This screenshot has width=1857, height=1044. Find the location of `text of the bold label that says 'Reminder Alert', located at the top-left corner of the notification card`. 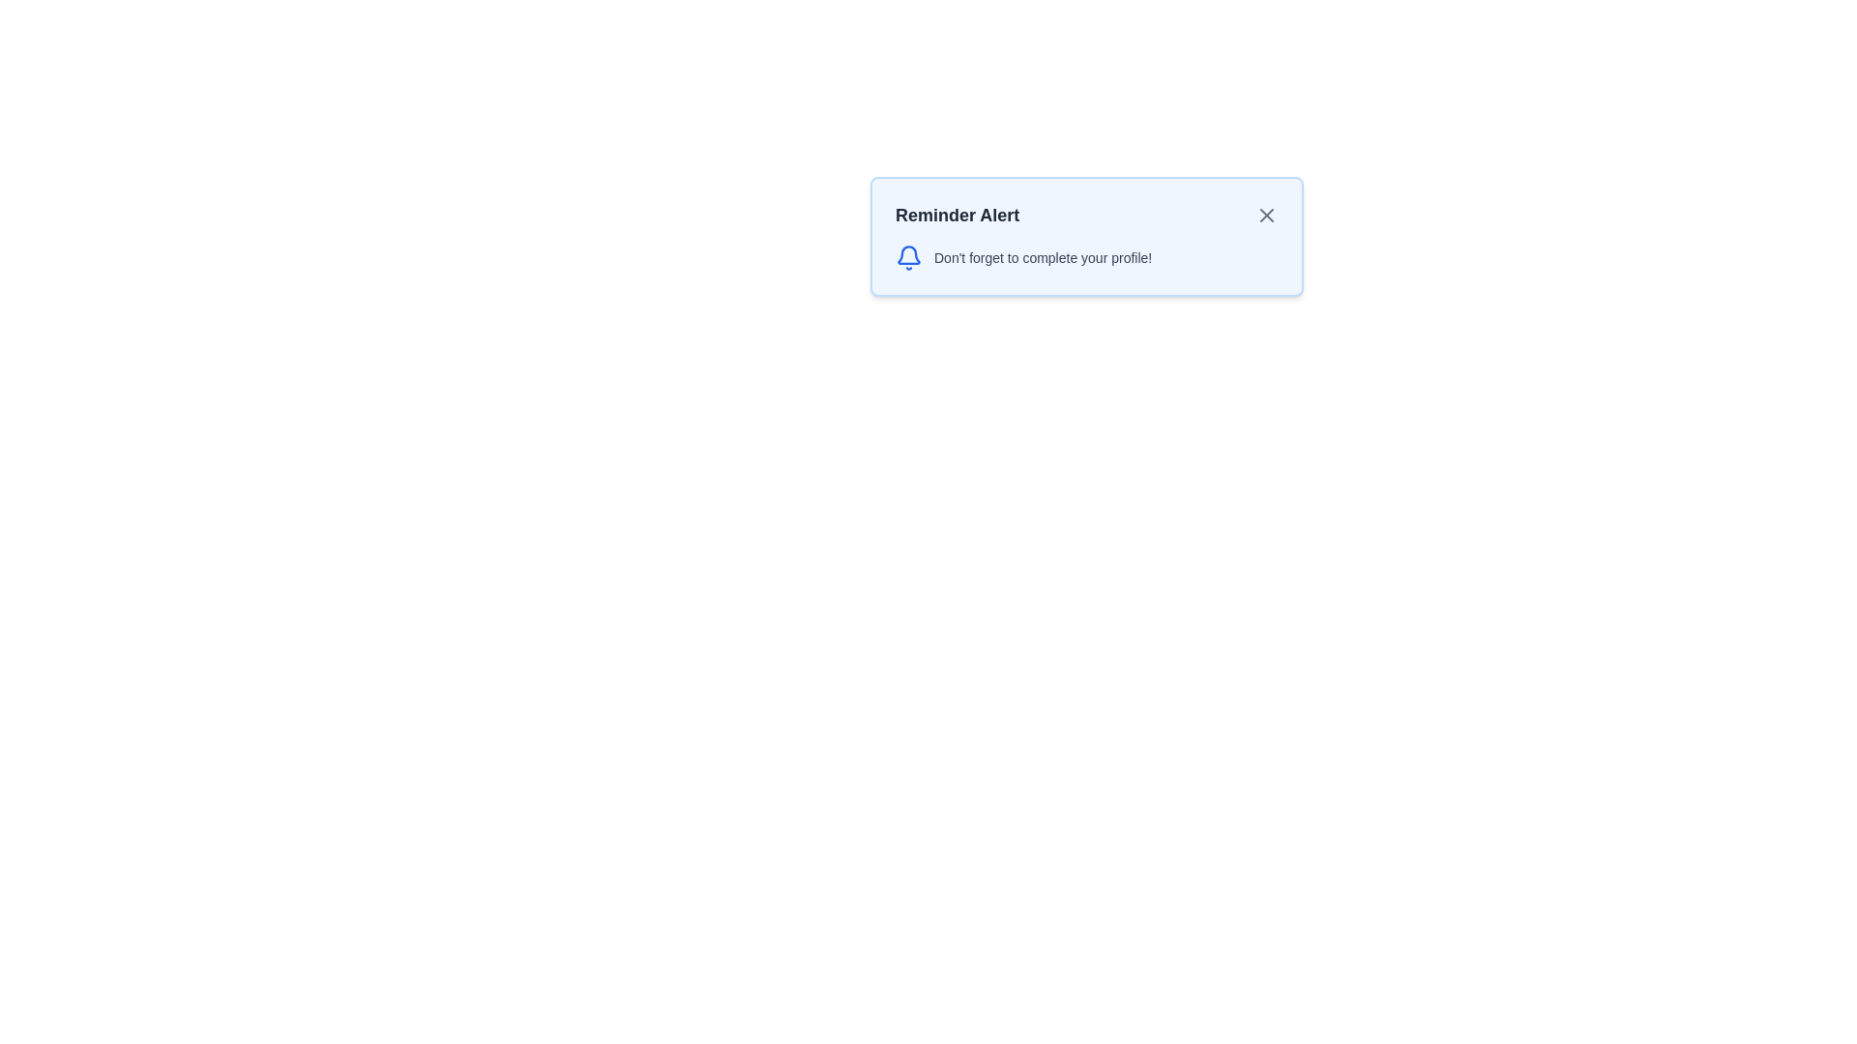

text of the bold label that says 'Reminder Alert', located at the top-left corner of the notification card is located at coordinates (958, 216).